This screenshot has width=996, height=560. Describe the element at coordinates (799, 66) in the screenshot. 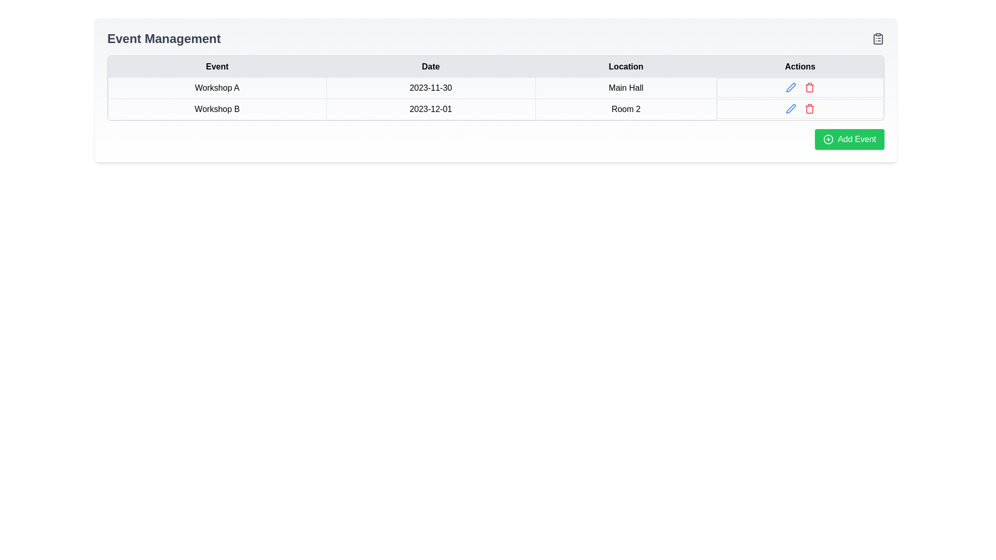

I see `the 'Actions' text label, which is the fourth header cell in the table and displays the text in bold black font within a light gray cell` at that location.